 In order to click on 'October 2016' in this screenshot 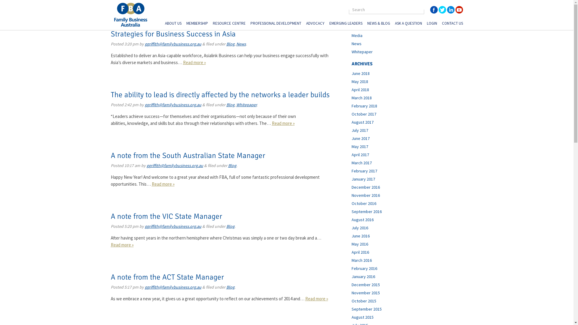, I will do `click(364, 203)`.